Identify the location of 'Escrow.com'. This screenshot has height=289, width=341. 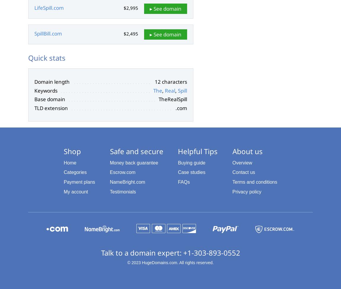
(122, 172).